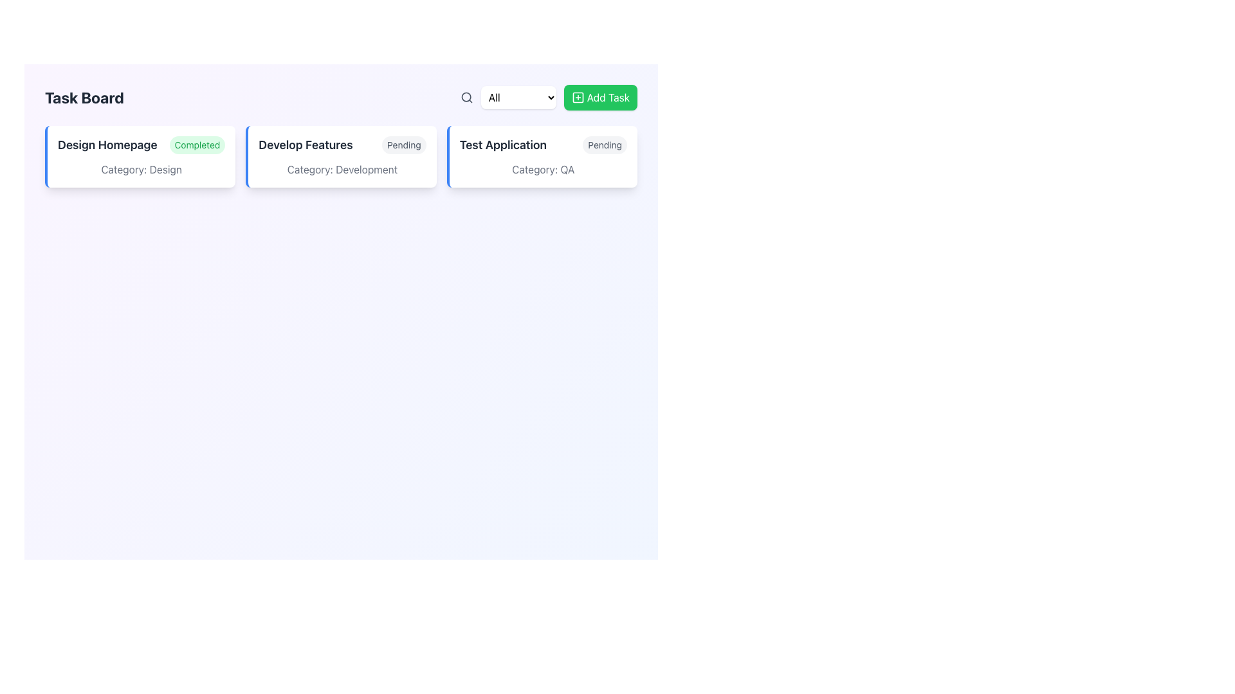  What do you see at coordinates (305, 145) in the screenshot?
I see `the text label indicating the title 'Develop Features' within the task board, which serves as a descriptive header for the task content` at bounding box center [305, 145].